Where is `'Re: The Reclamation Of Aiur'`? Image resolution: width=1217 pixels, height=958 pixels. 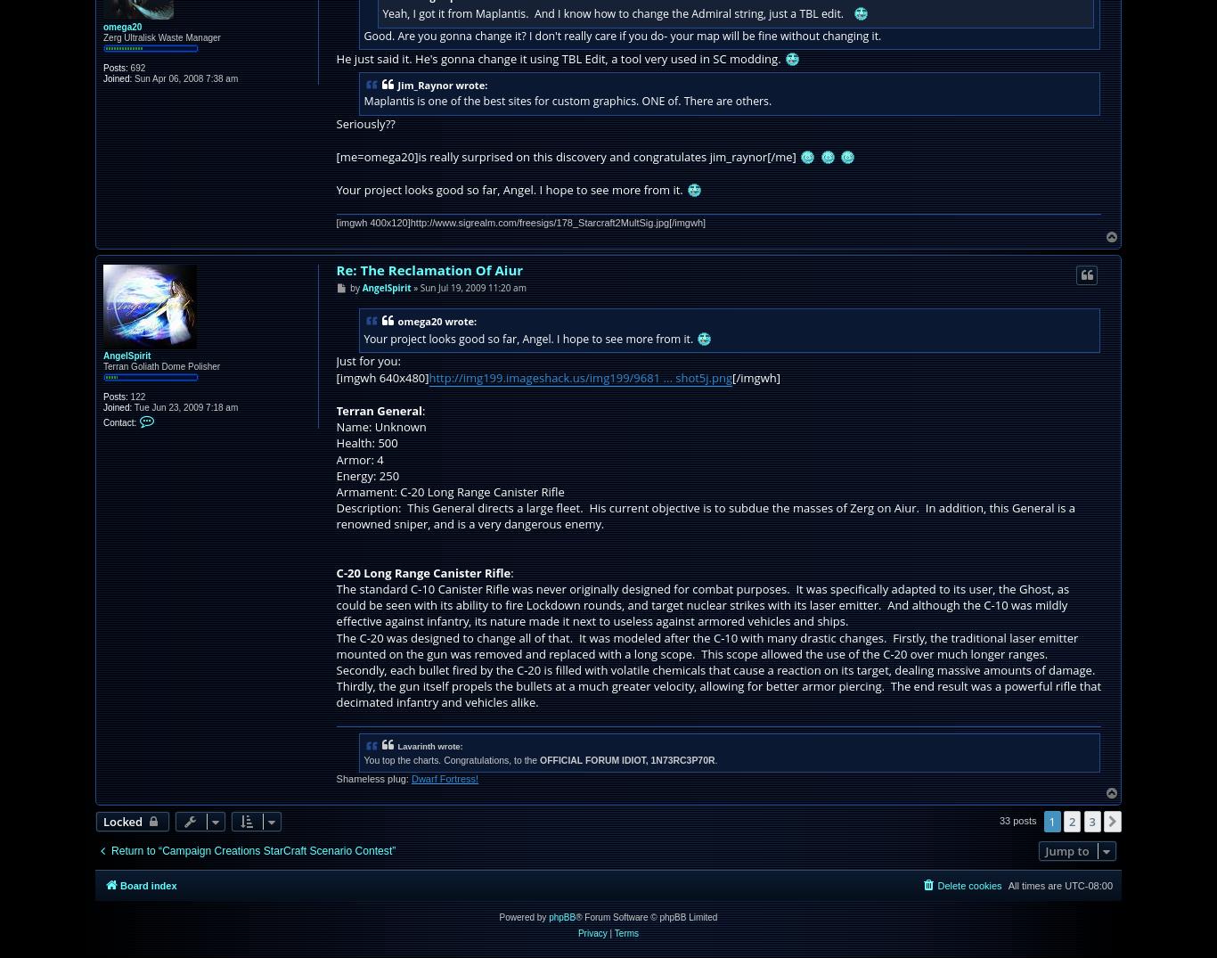 'Re: The Reclamation Of Aiur' is located at coordinates (429, 267).